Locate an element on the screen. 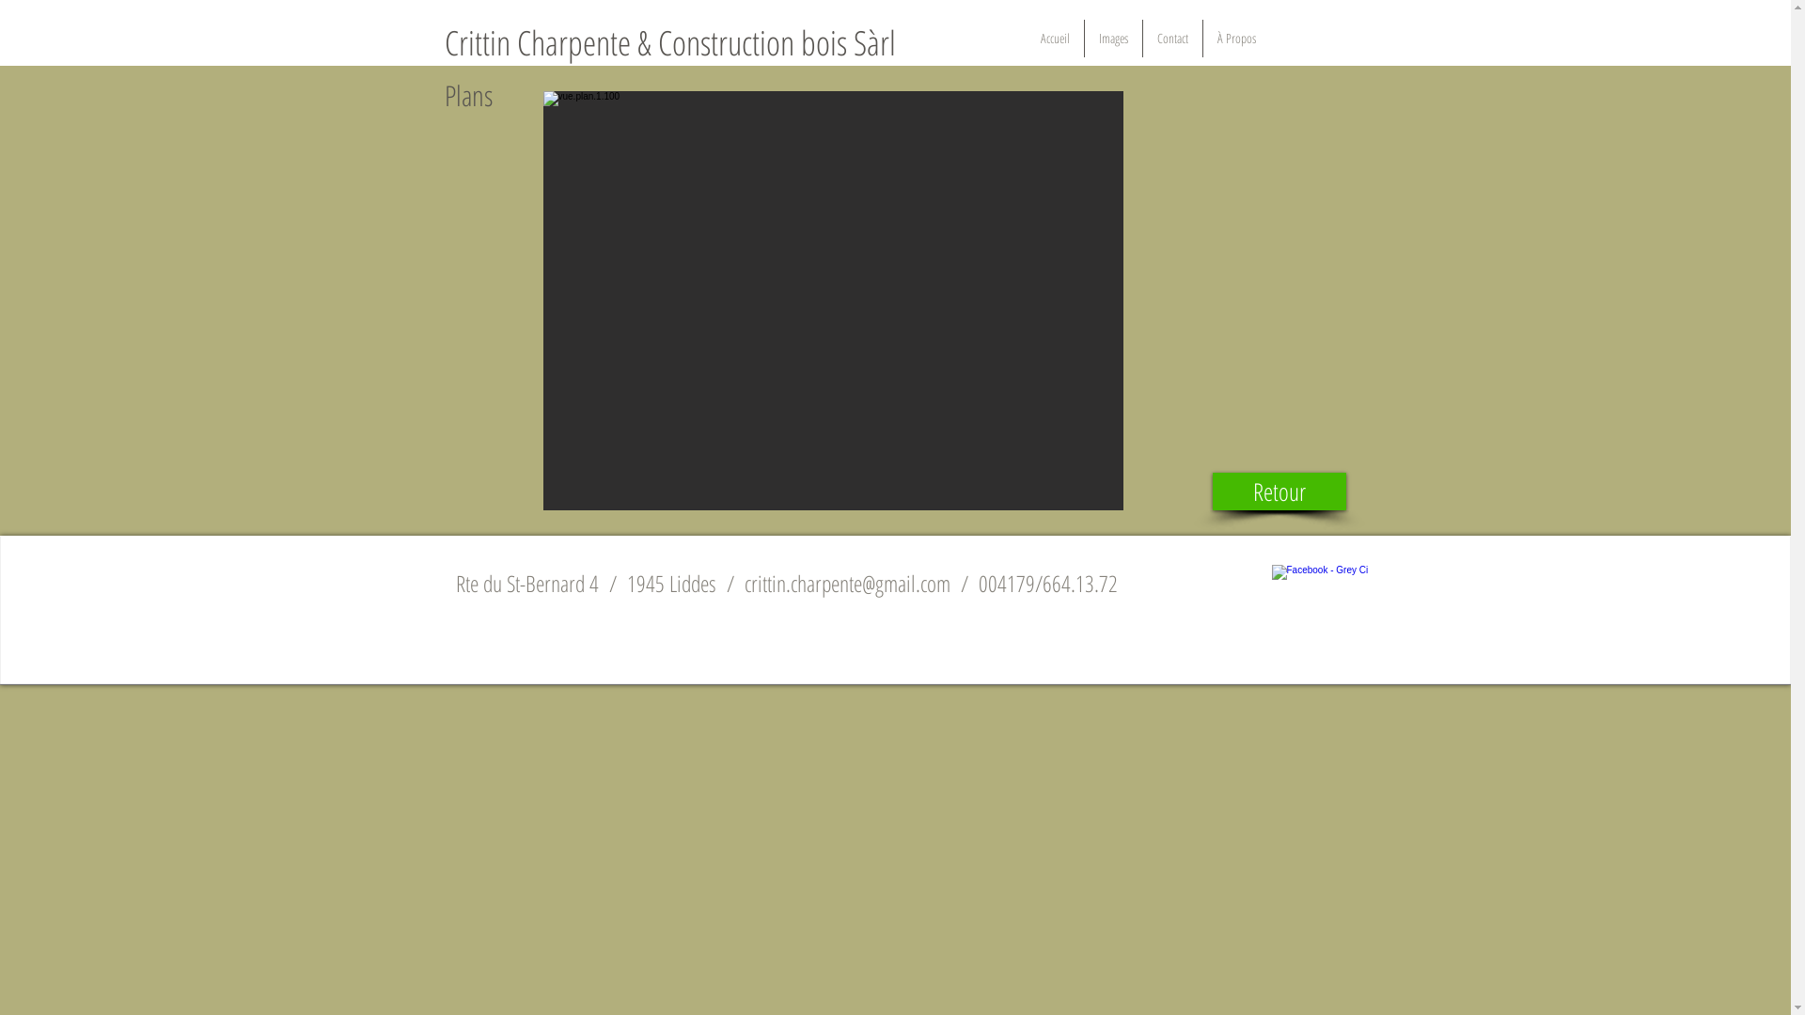 The width and height of the screenshot is (1805, 1015). 'Images' is located at coordinates (1113, 39).